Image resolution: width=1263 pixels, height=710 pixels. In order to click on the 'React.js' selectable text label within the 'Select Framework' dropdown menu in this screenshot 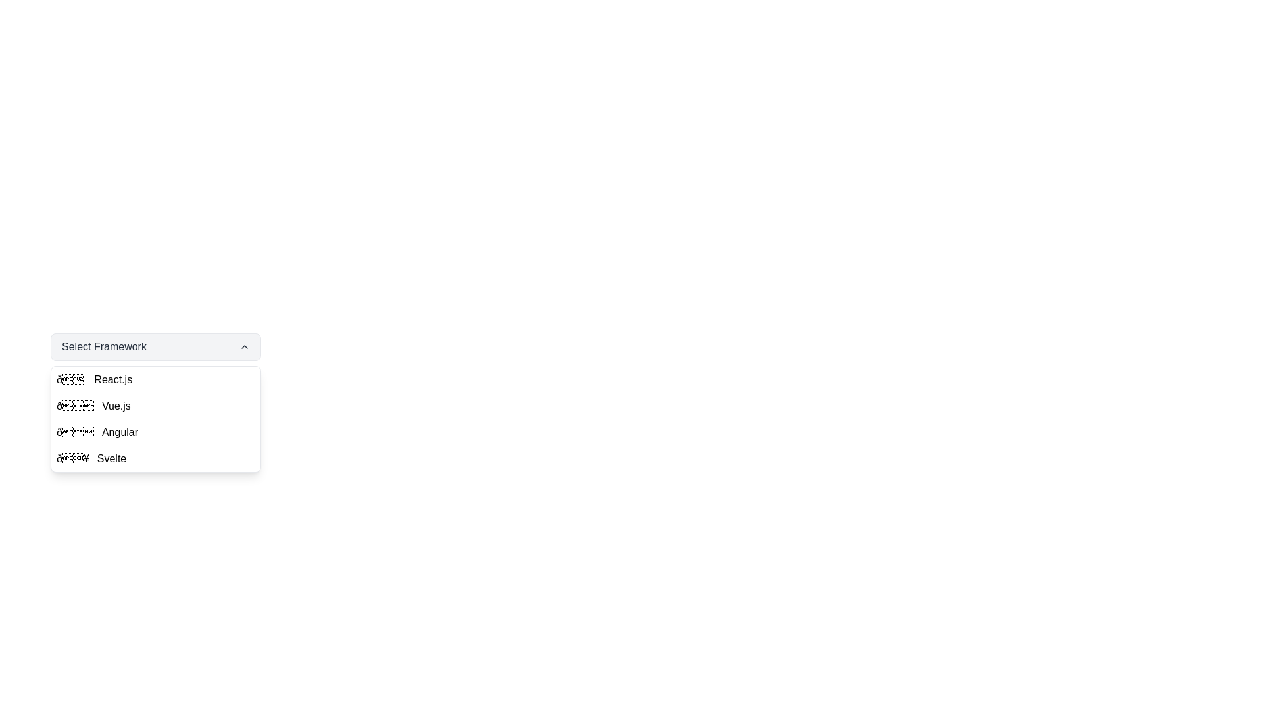, I will do `click(113, 380)`.